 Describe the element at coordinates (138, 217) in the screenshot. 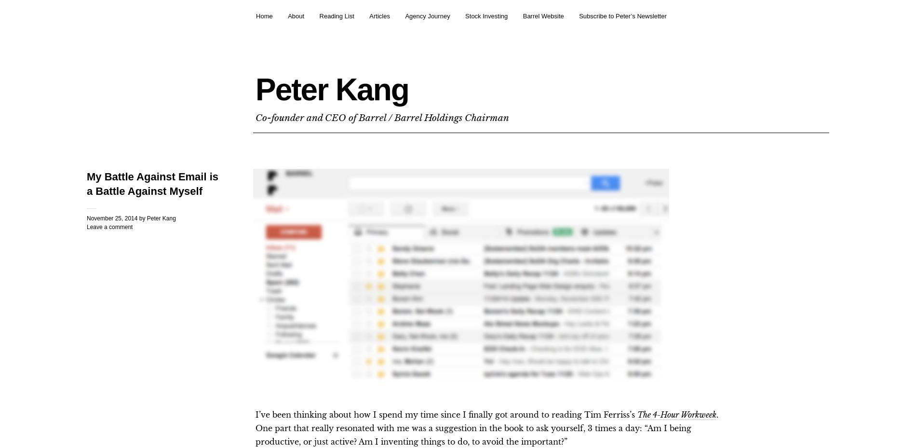

I see `'by'` at that location.